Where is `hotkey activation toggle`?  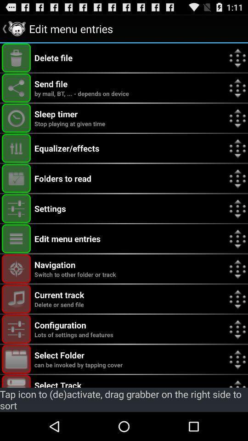 hotkey activation toggle is located at coordinates (16, 359).